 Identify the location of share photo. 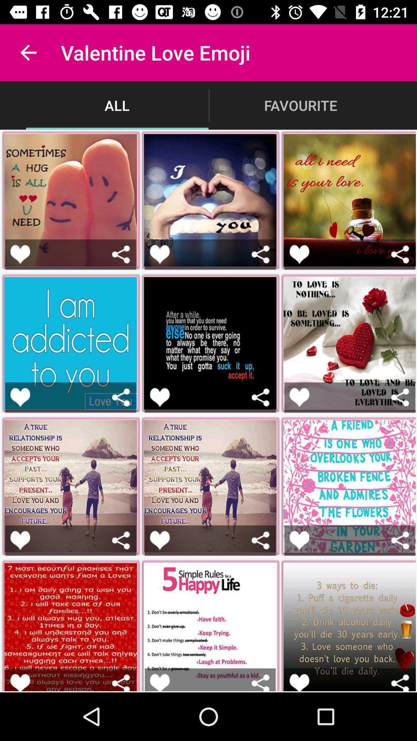
(261, 682).